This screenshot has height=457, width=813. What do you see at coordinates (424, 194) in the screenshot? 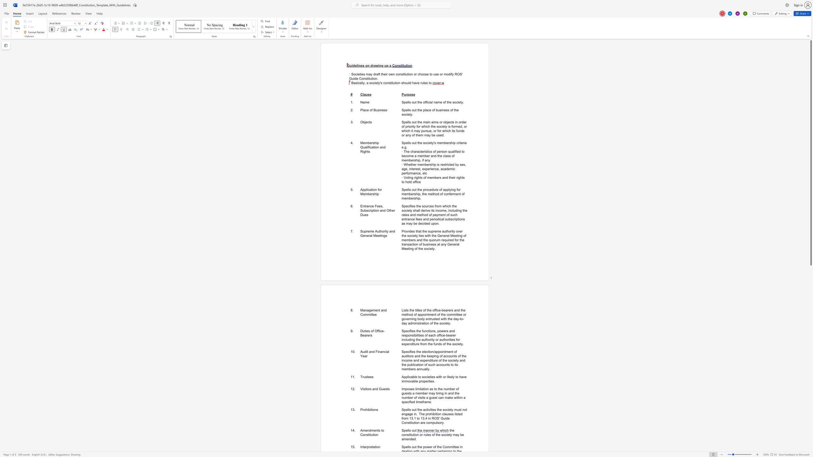
I see `the subset text "e method of conferment of membersh" within the text "Spells out the procedure of applying for membership, the method of conferment of membership."` at bounding box center [424, 194].